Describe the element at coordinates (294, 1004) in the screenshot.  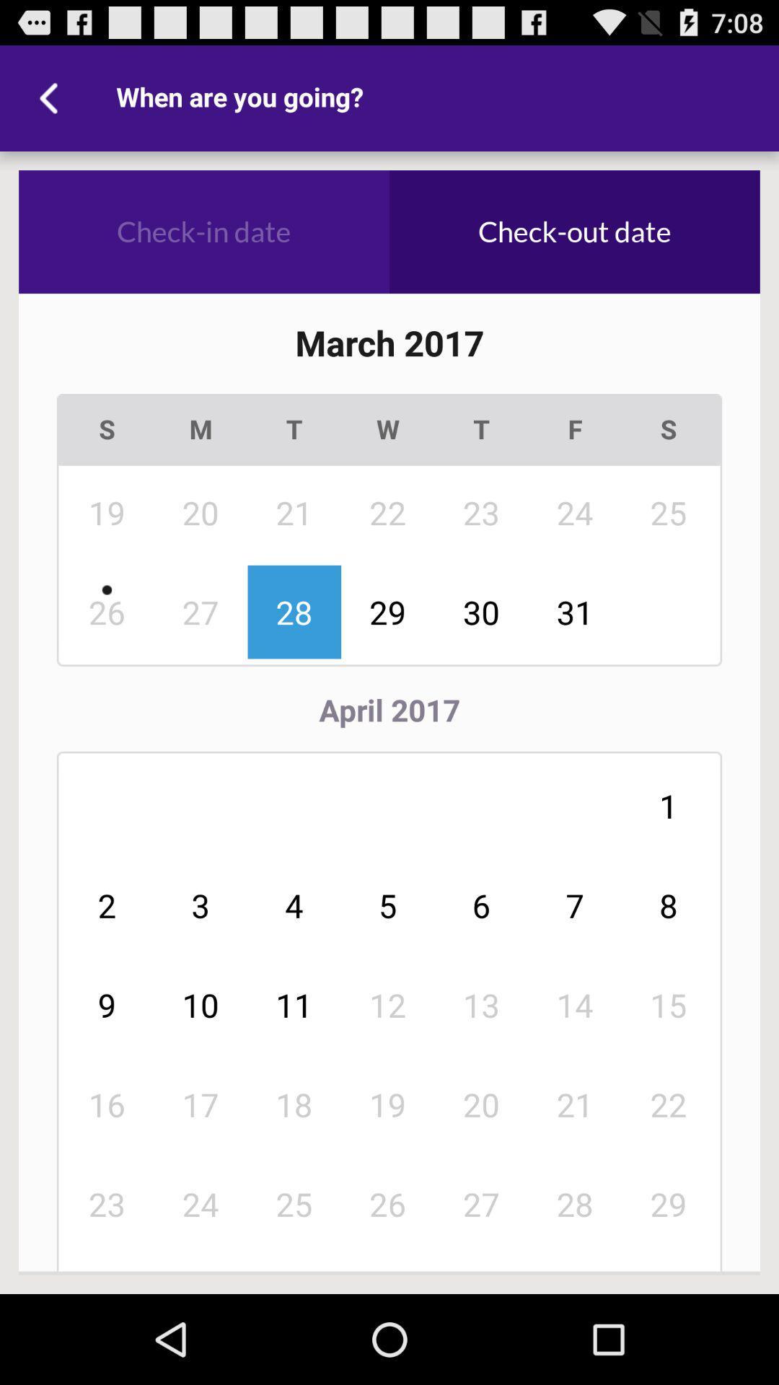
I see `the 11 item` at that location.